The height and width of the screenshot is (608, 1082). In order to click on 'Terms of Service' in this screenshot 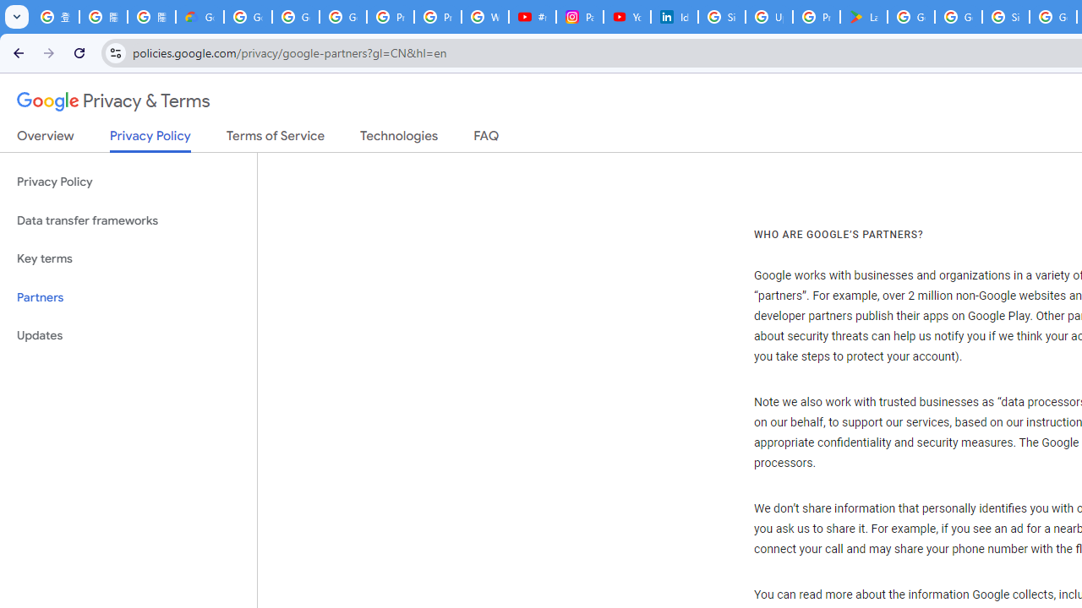, I will do `click(276, 138)`.